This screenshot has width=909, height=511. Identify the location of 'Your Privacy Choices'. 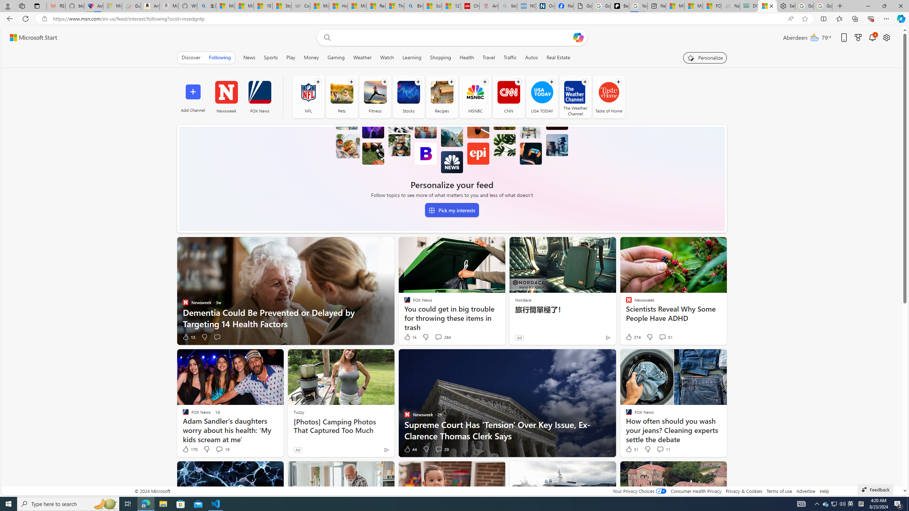
(639, 490).